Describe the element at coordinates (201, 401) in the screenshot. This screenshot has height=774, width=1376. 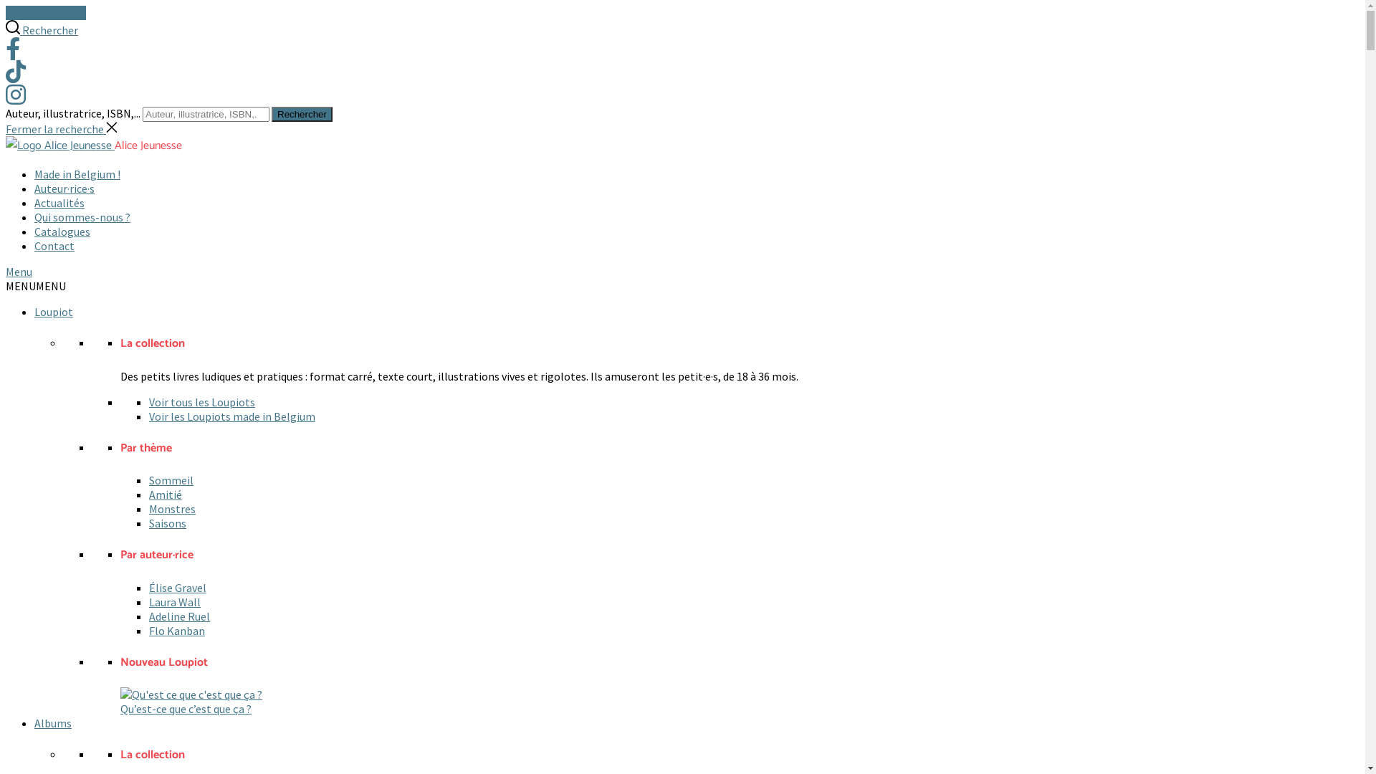
I see `'Voir tous les Loupiots'` at that location.